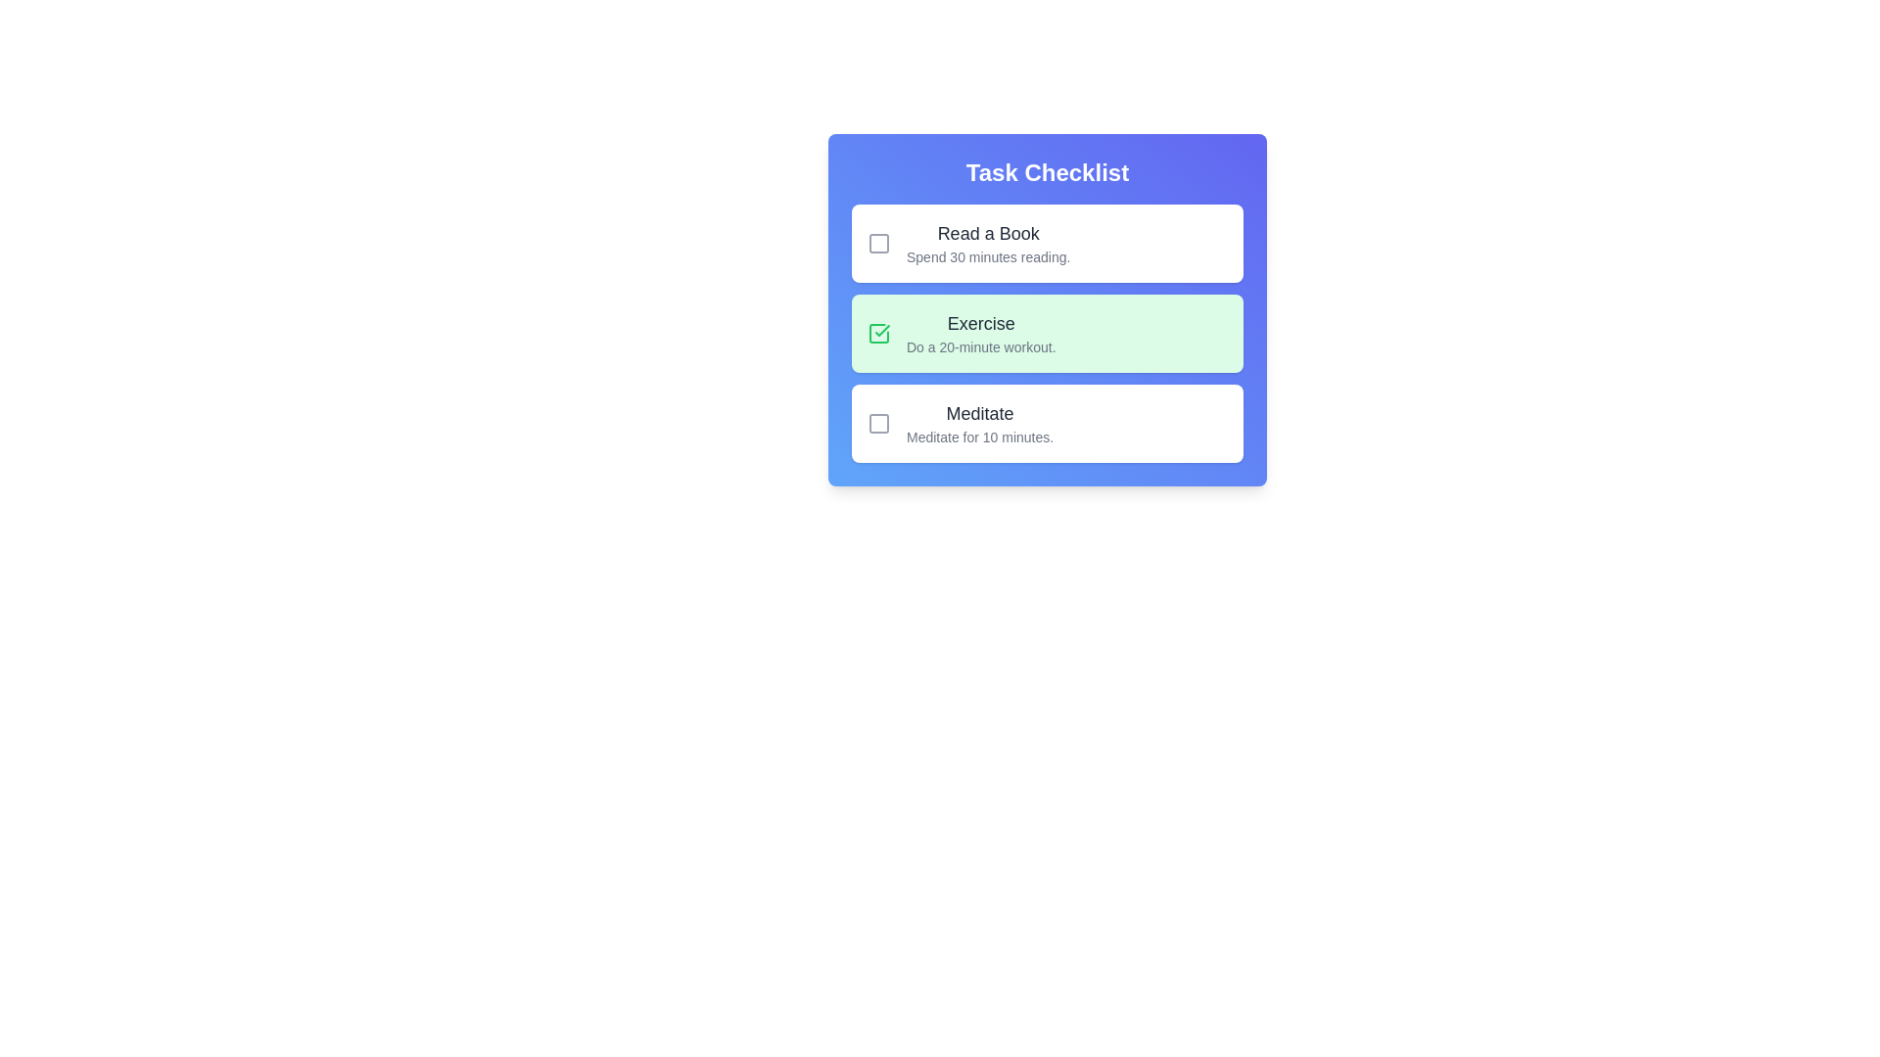 The height and width of the screenshot is (1057, 1880). Describe the element at coordinates (877, 332) in the screenshot. I see `the checkbox icon for task Exercise to determine its completion status` at that location.